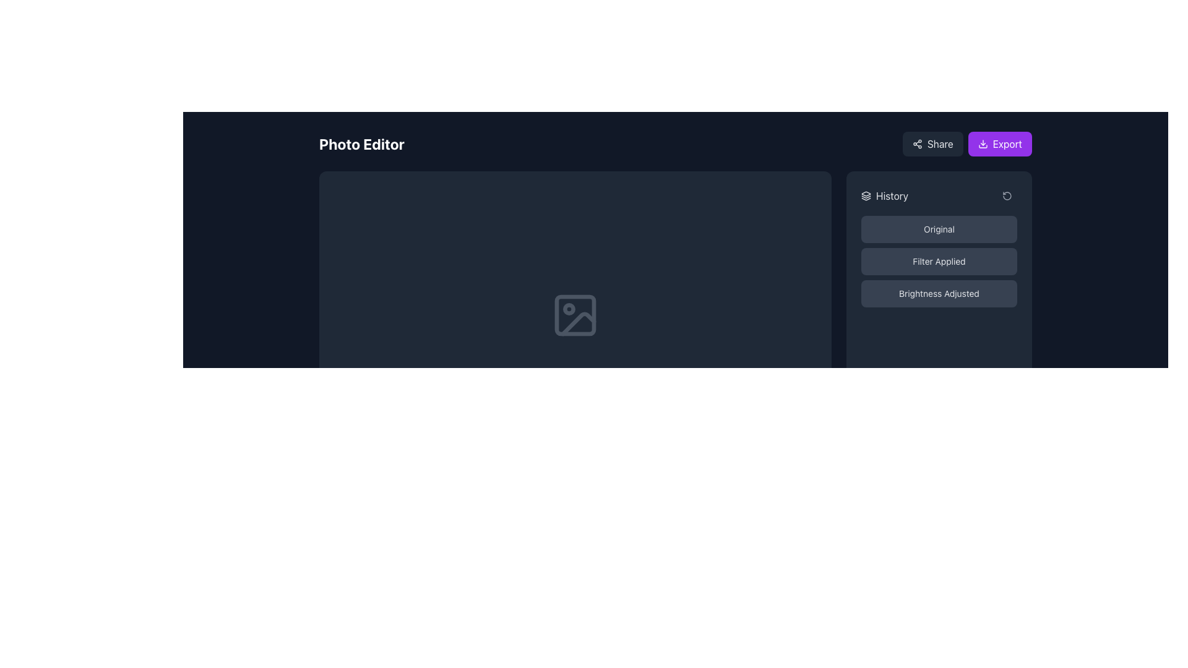 The height and width of the screenshot is (668, 1188). I want to click on the 'Original' state button located at the top of the sidebar group of buttons, so click(939, 229).